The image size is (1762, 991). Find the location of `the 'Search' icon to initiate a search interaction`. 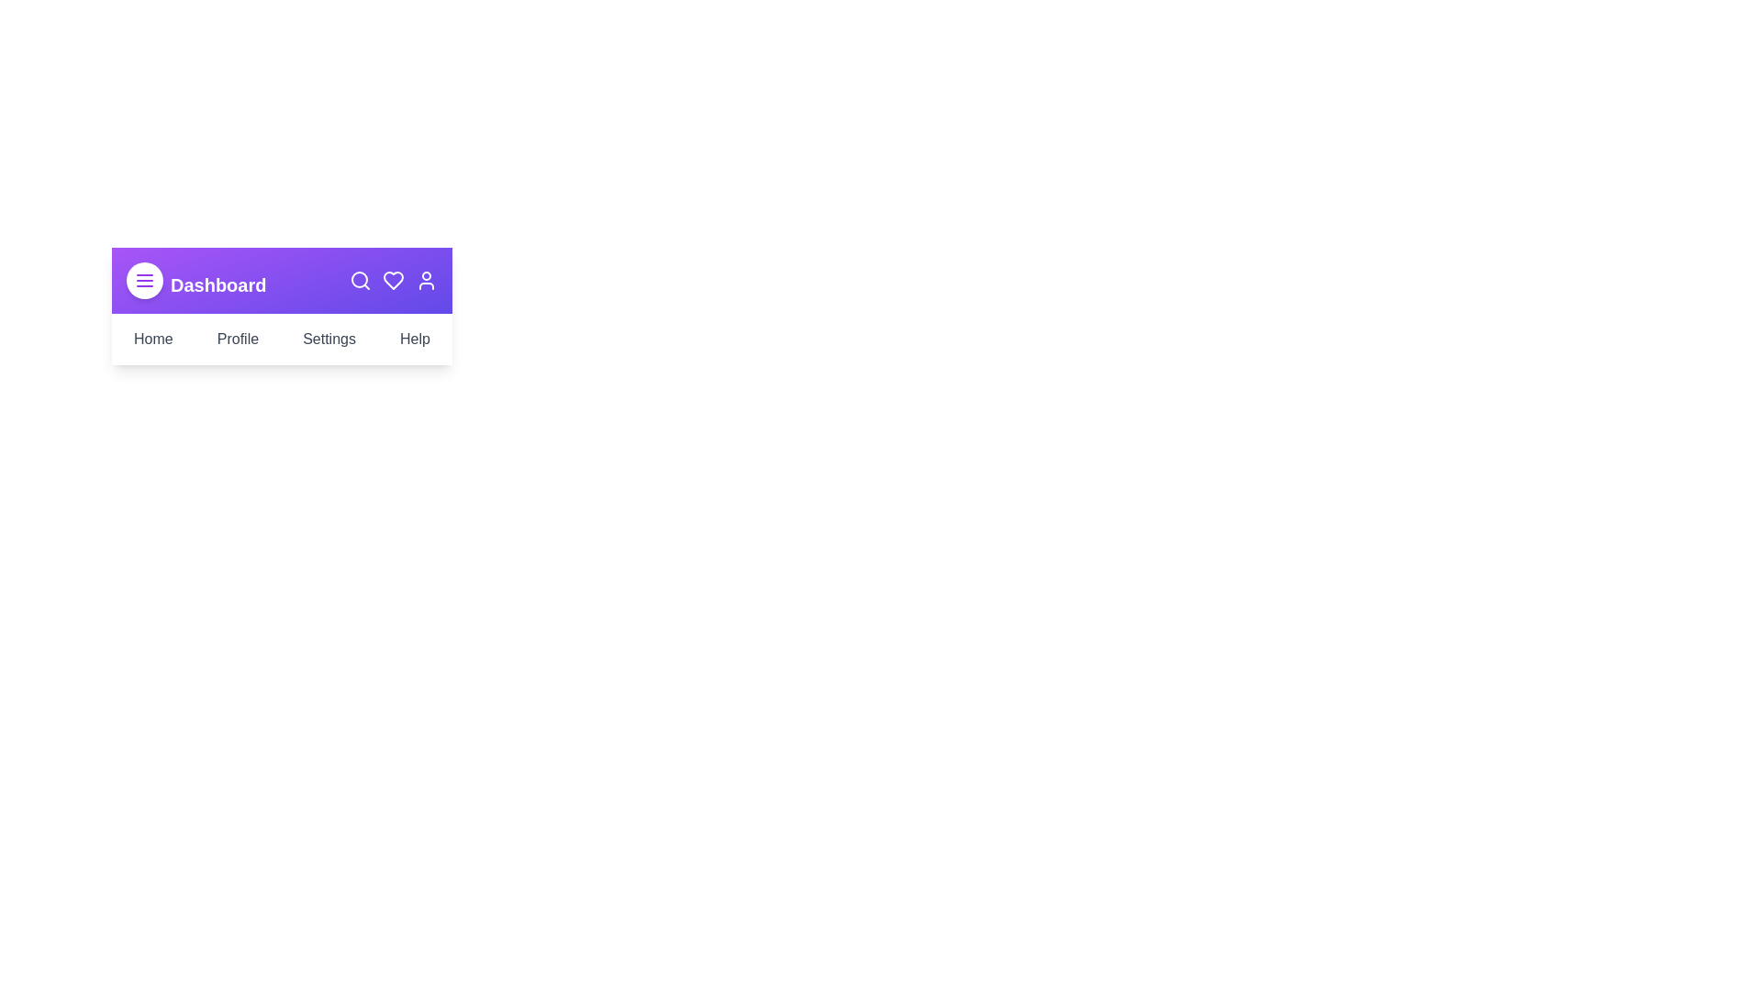

the 'Search' icon to initiate a search interaction is located at coordinates (361, 280).